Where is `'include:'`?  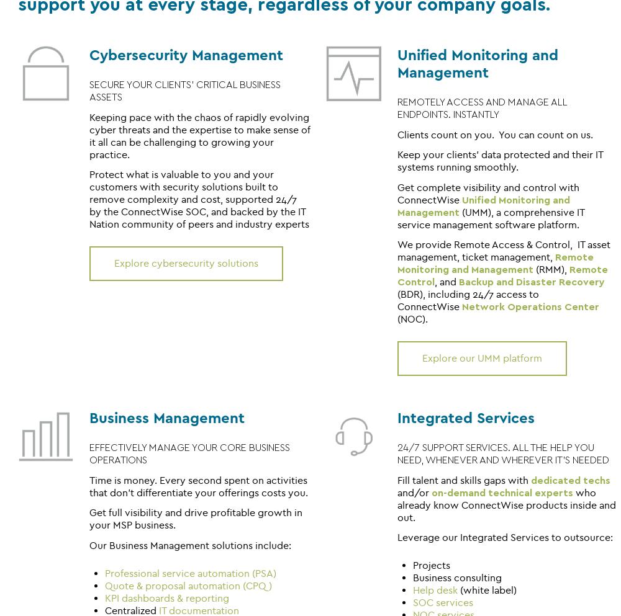
'include:' is located at coordinates (253, 544).